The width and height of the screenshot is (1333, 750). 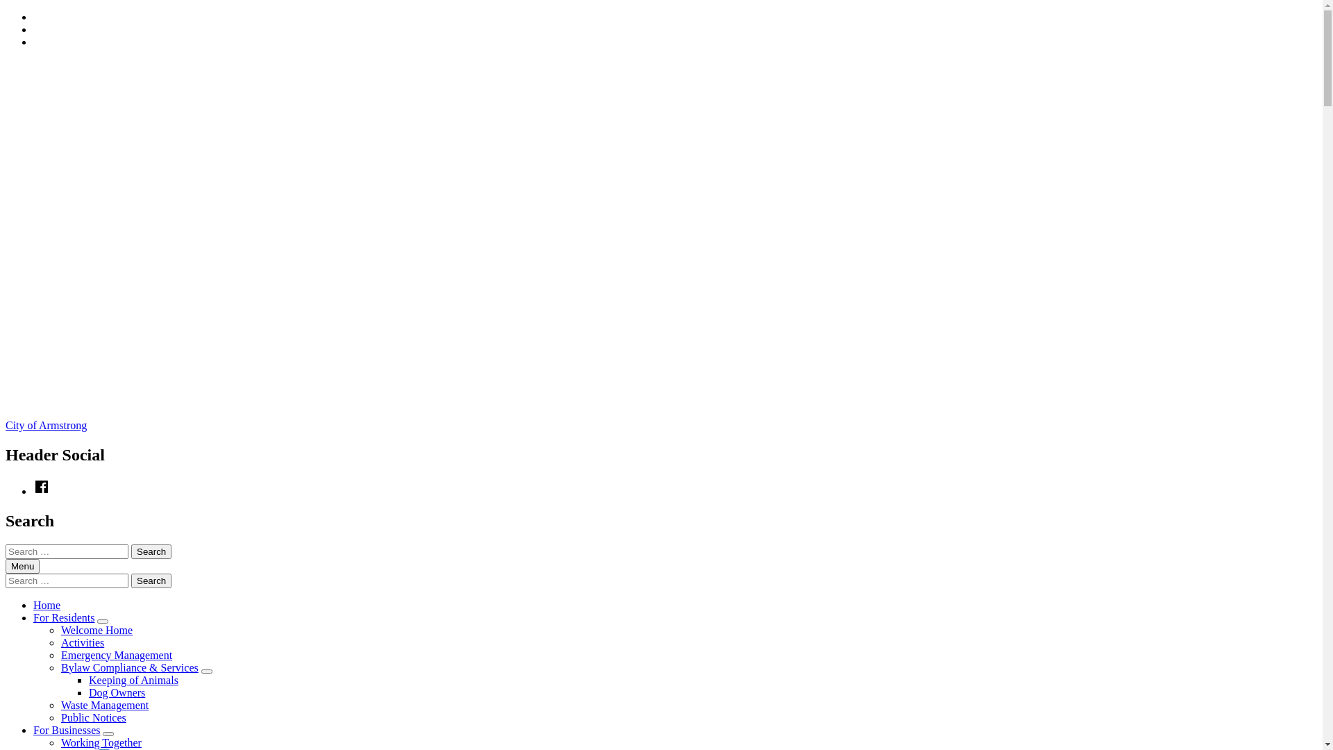 I want to click on 'Search', so click(x=151, y=551).